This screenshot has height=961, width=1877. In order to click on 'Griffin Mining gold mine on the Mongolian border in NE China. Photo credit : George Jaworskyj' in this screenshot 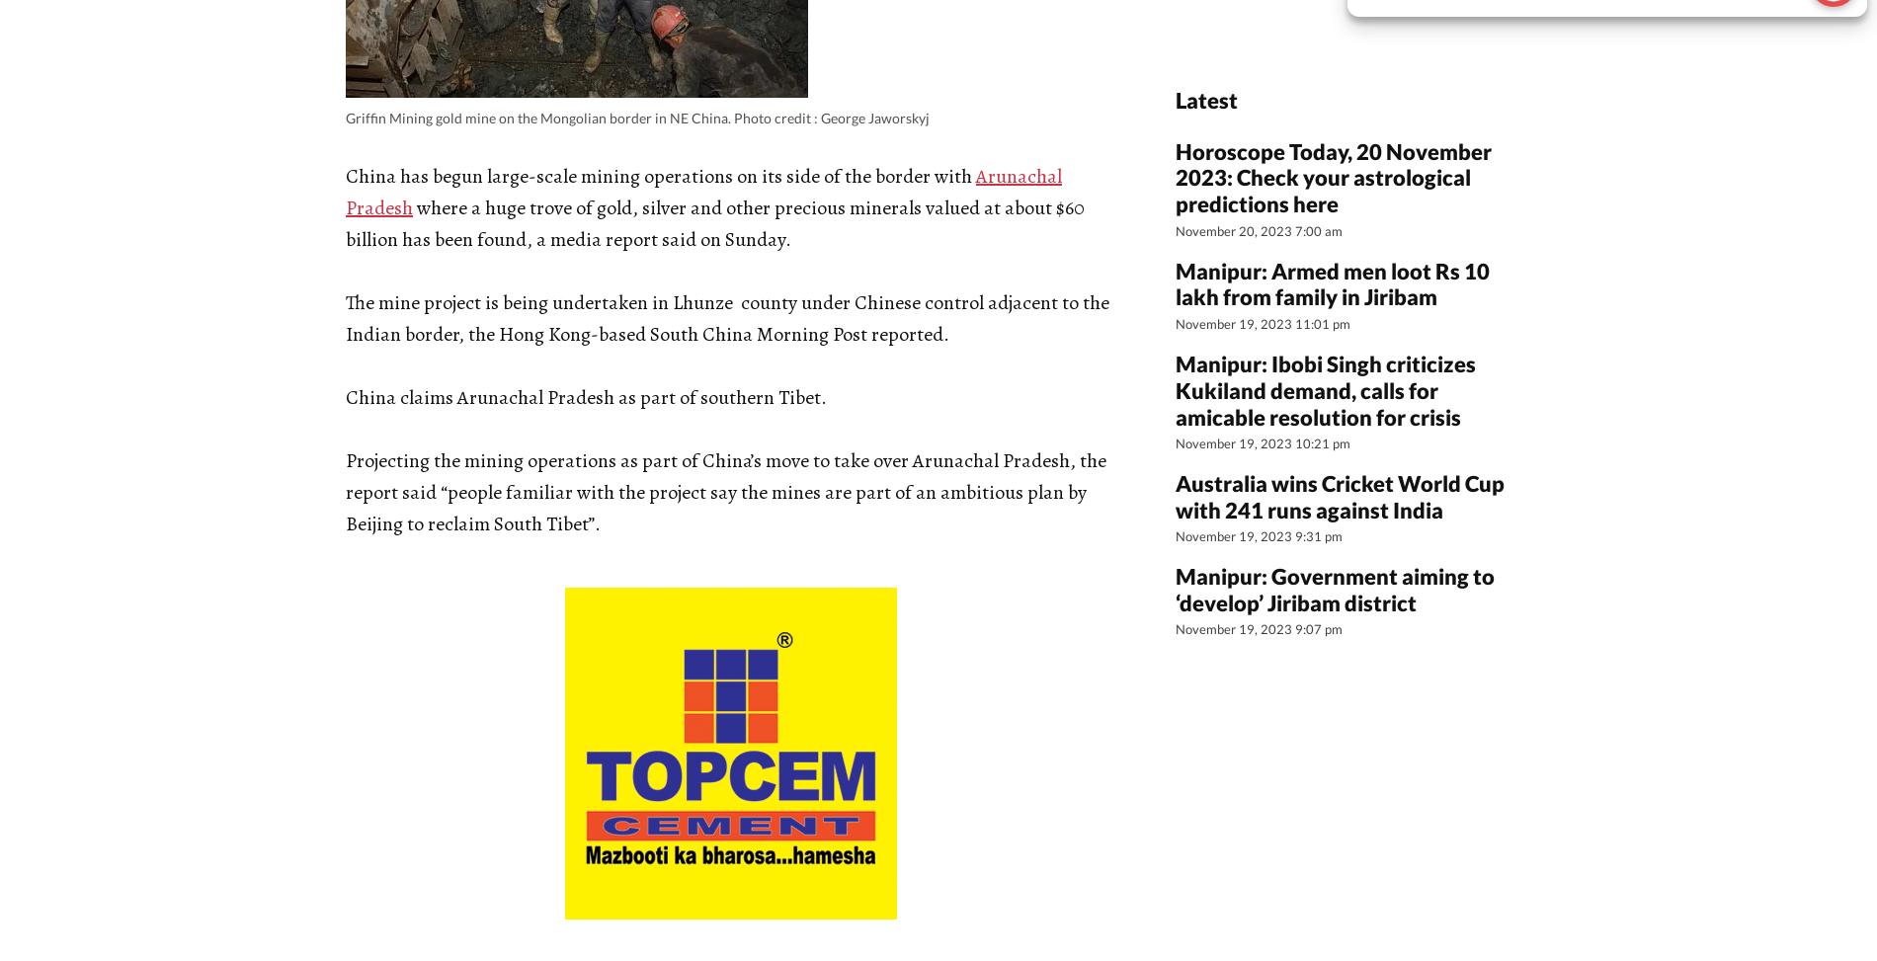, I will do `click(637, 116)`.